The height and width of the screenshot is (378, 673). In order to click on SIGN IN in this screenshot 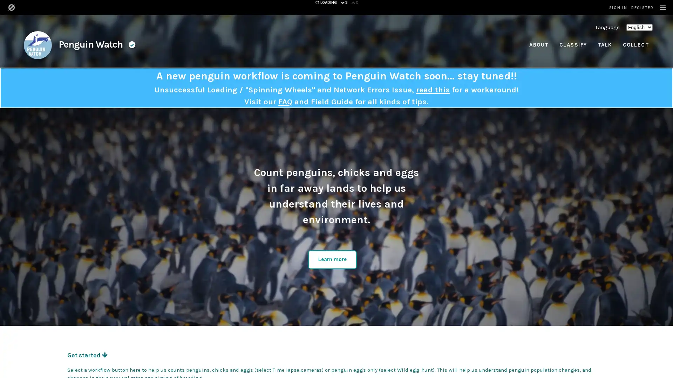, I will do `click(630, 8)`.